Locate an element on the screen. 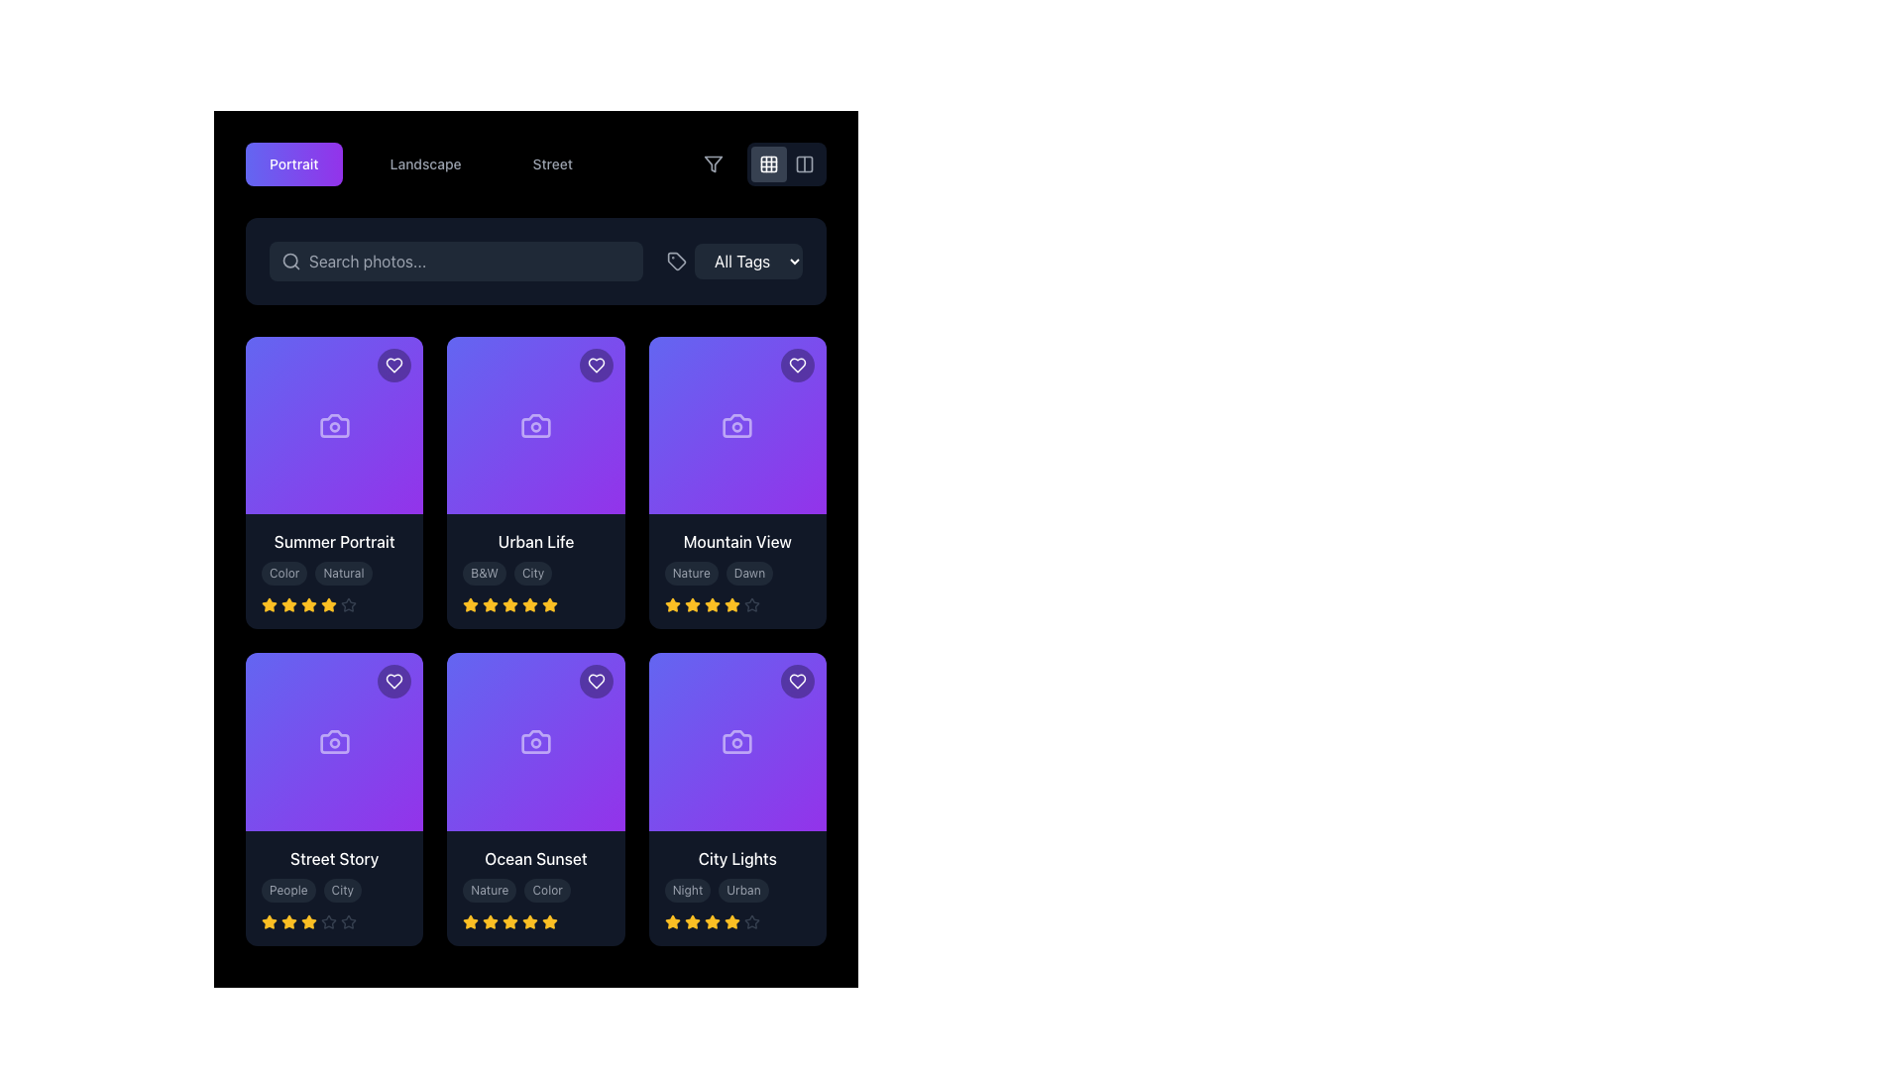  the button in the top-right corner of the 'Ocean Sunset' card to mark the item as a favorite is located at coordinates (595, 681).